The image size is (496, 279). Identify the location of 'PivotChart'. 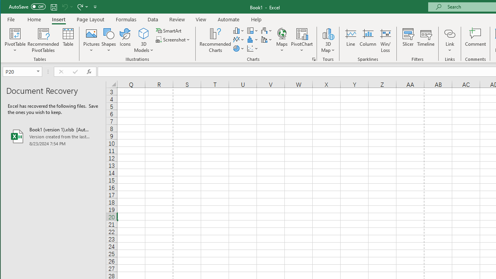
(301, 33).